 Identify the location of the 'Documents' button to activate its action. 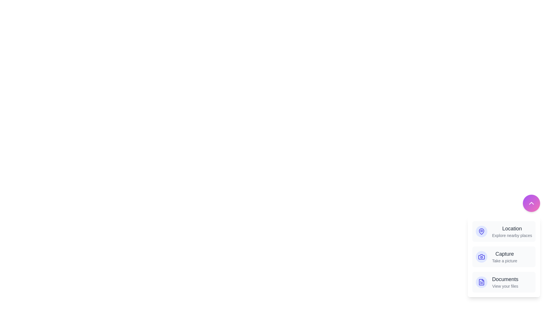
(504, 282).